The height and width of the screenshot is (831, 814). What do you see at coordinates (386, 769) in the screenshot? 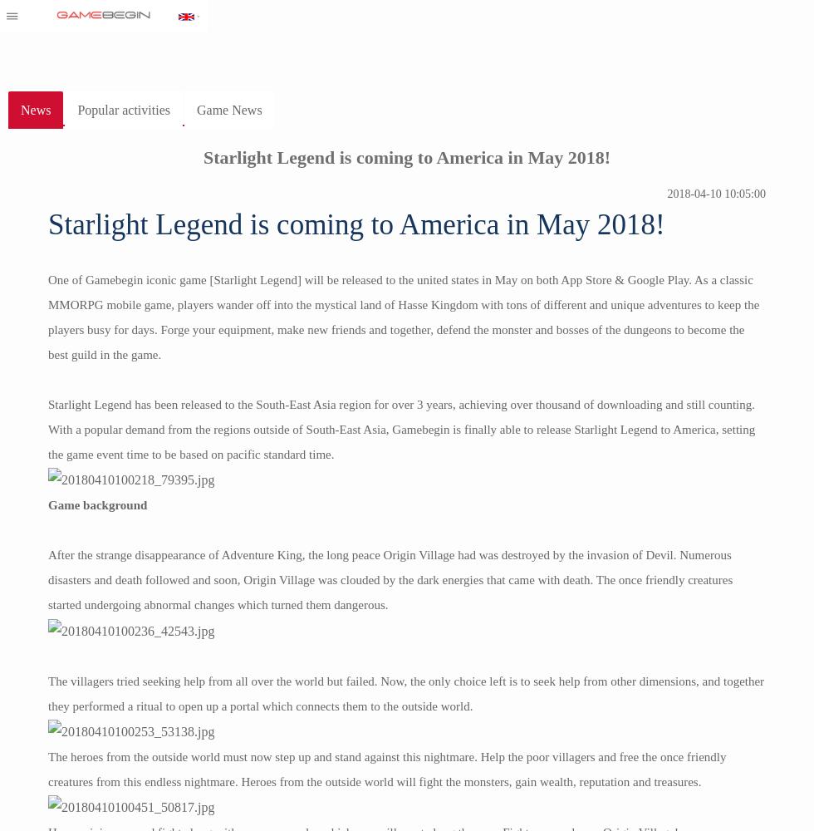
I see `'The heroes from the outside world must now step up and stand against this nightmare. Help the poor villagers and free the once friendly creatures from this endless nightmare. Heroes from the outside world will fight the monsters, gain wealth, reputation and treasures.'` at bounding box center [386, 769].